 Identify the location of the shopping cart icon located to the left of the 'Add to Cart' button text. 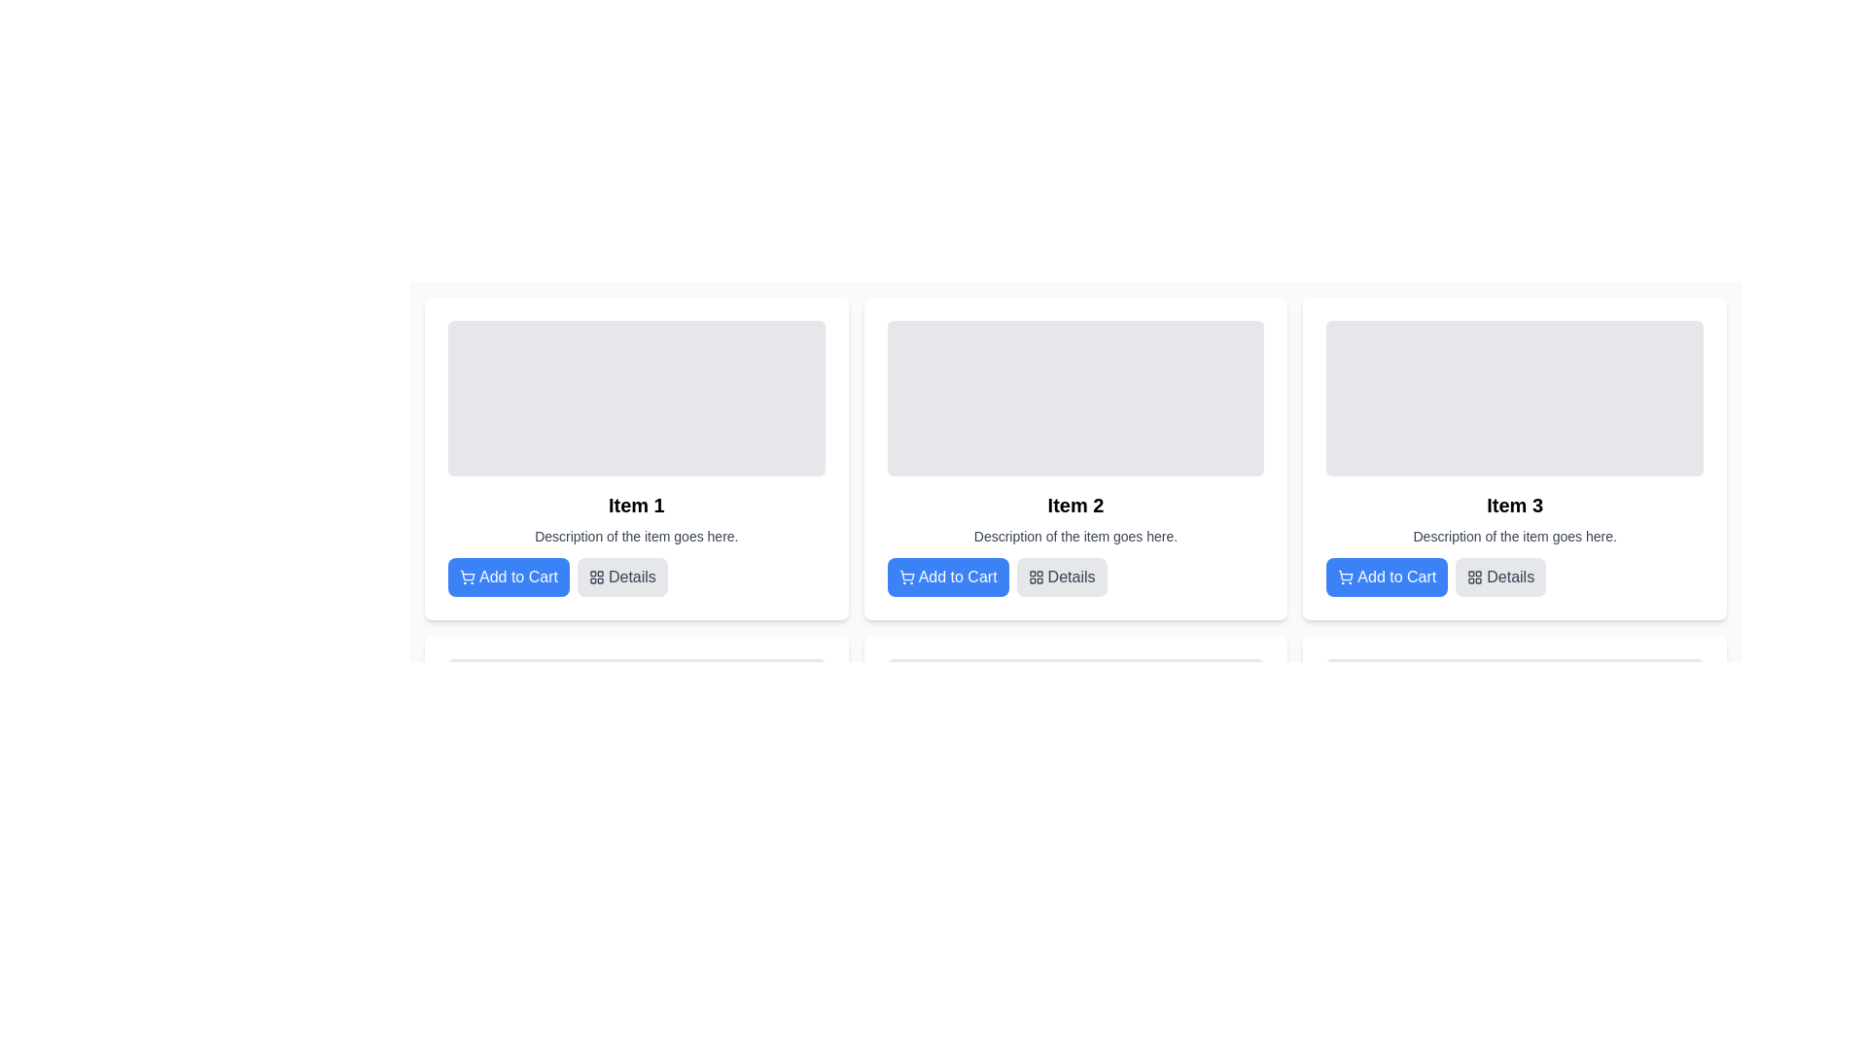
(467, 577).